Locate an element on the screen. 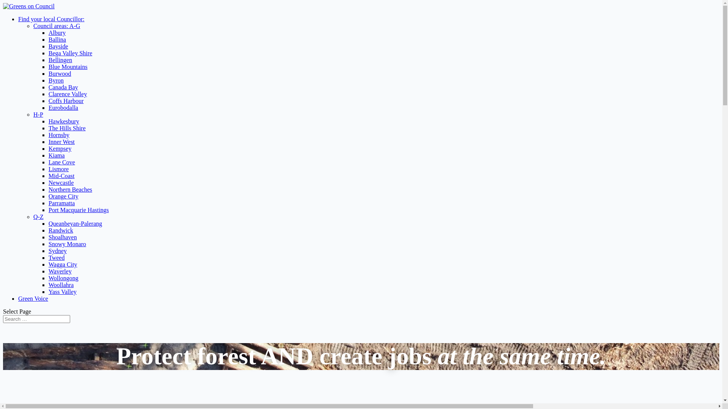 This screenshot has width=728, height=409. 'Lane Cove' is located at coordinates (62, 162).